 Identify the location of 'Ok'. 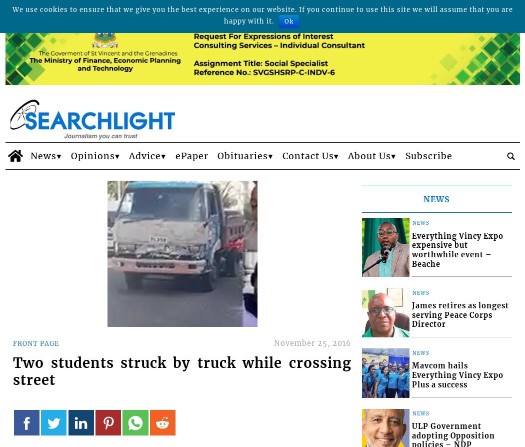
(288, 21).